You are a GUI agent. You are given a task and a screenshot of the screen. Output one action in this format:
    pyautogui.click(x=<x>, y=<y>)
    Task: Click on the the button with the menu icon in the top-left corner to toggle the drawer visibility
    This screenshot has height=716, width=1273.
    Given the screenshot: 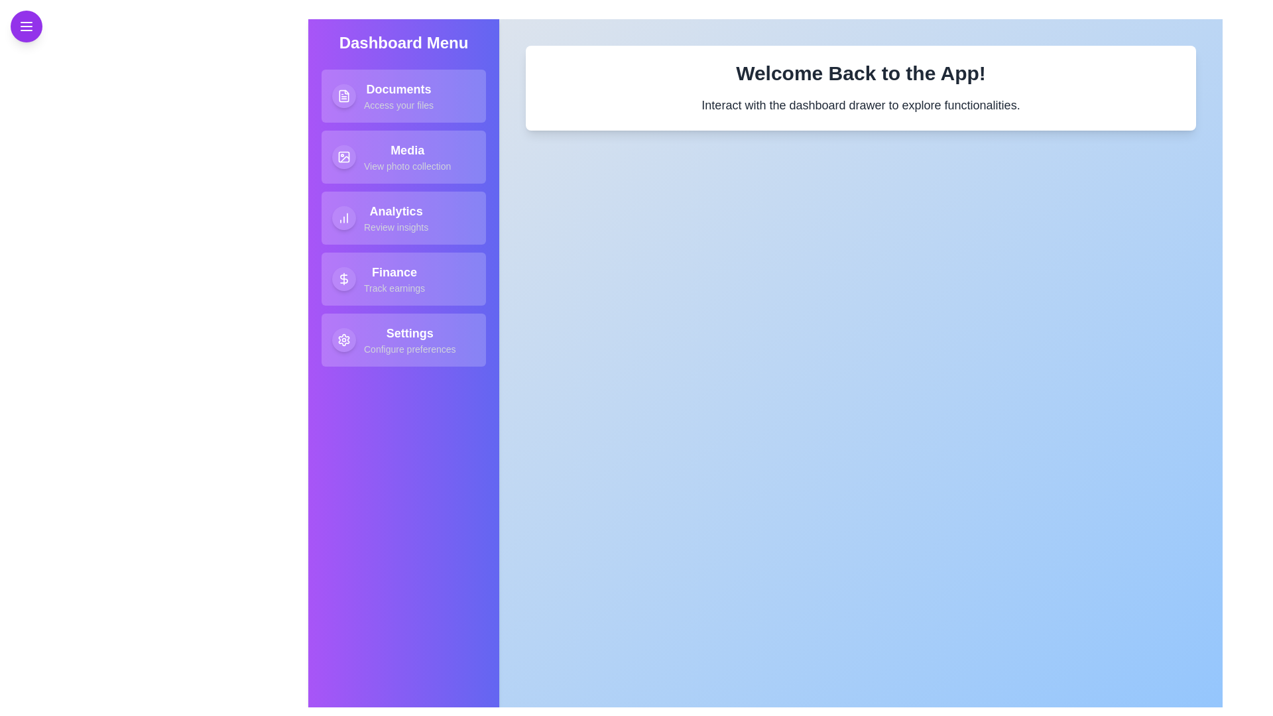 What is the action you would take?
    pyautogui.click(x=26, y=26)
    